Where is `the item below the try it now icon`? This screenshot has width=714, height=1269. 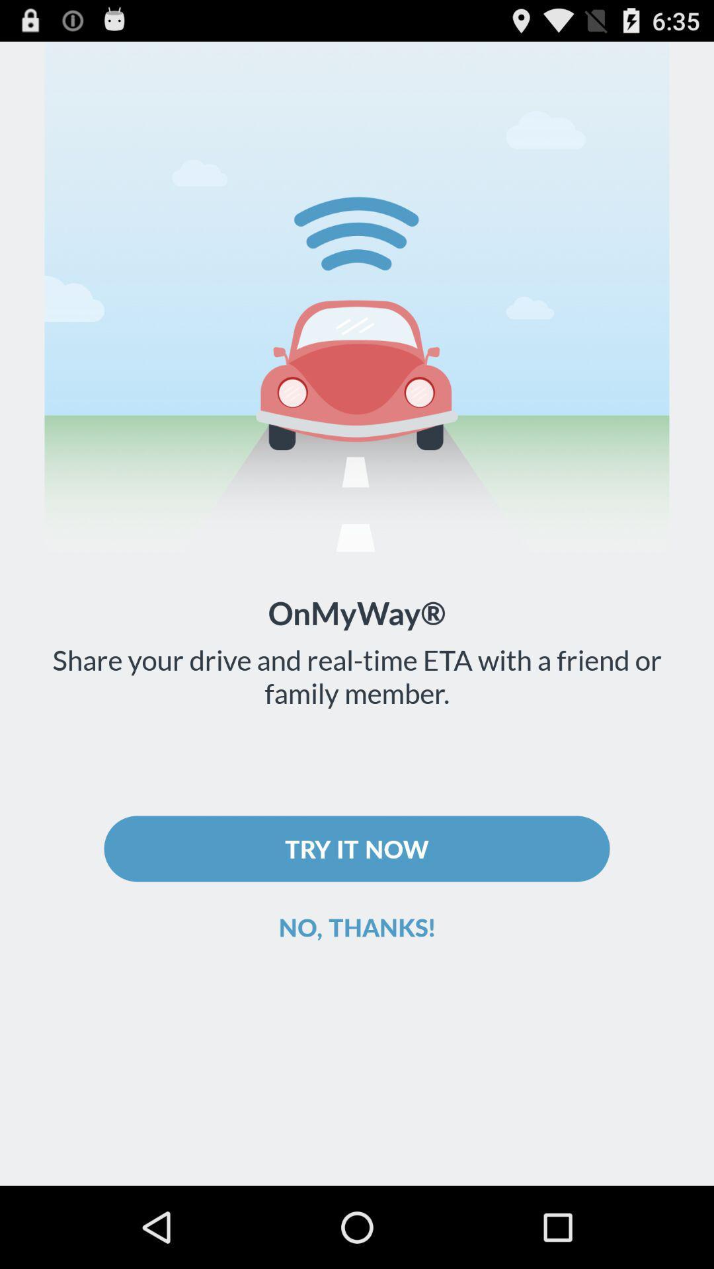 the item below the try it now icon is located at coordinates (357, 926).